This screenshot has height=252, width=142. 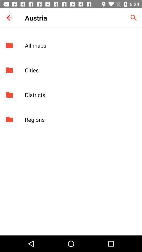 I want to click on the item next to regions item, so click(x=9, y=119).